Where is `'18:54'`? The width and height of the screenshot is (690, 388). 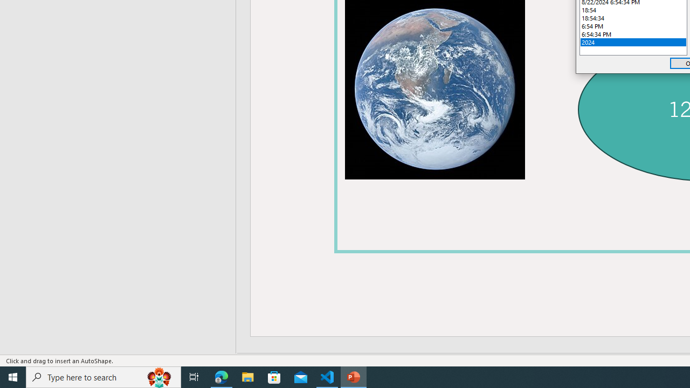
'18:54' is located at coordinates (633, 10).